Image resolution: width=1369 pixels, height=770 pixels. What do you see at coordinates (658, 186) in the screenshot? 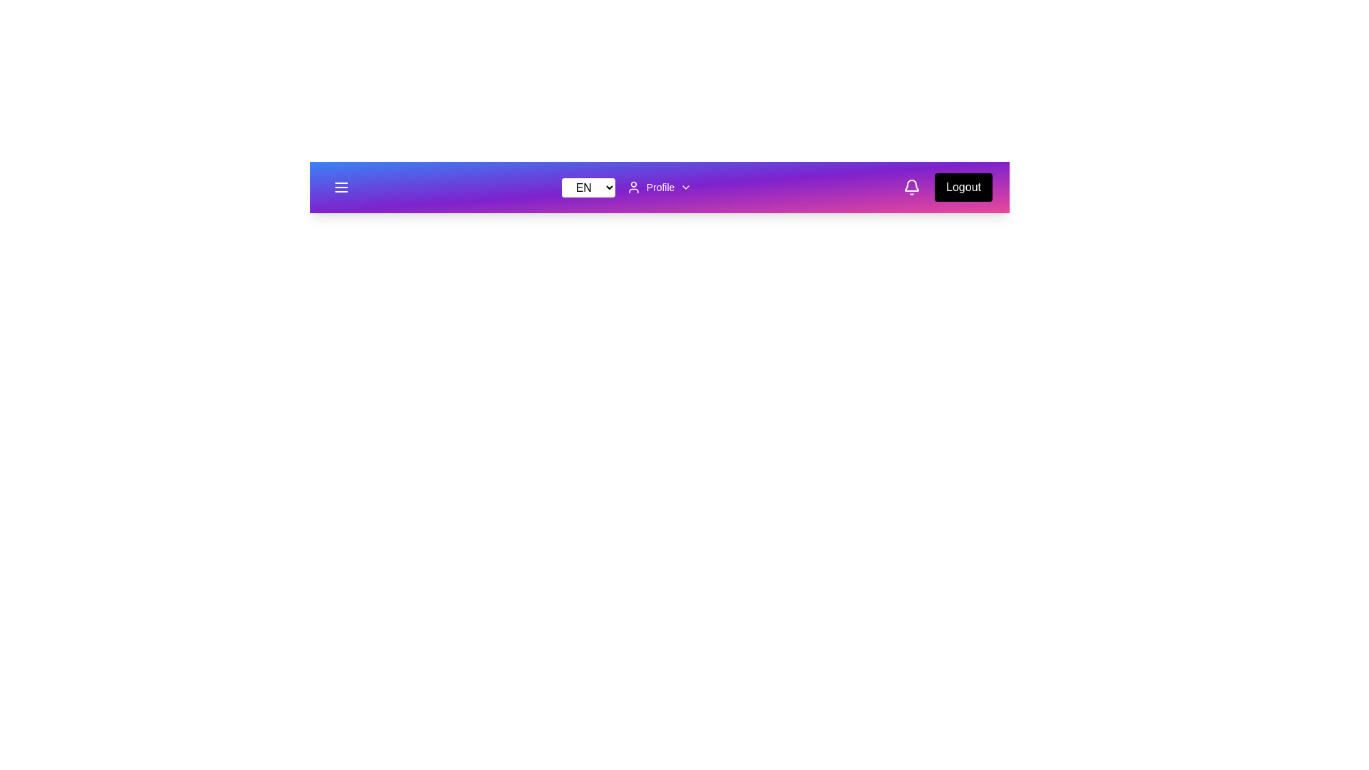
I see `the Profile button to access user profile details` at bounding box center [658, 186].